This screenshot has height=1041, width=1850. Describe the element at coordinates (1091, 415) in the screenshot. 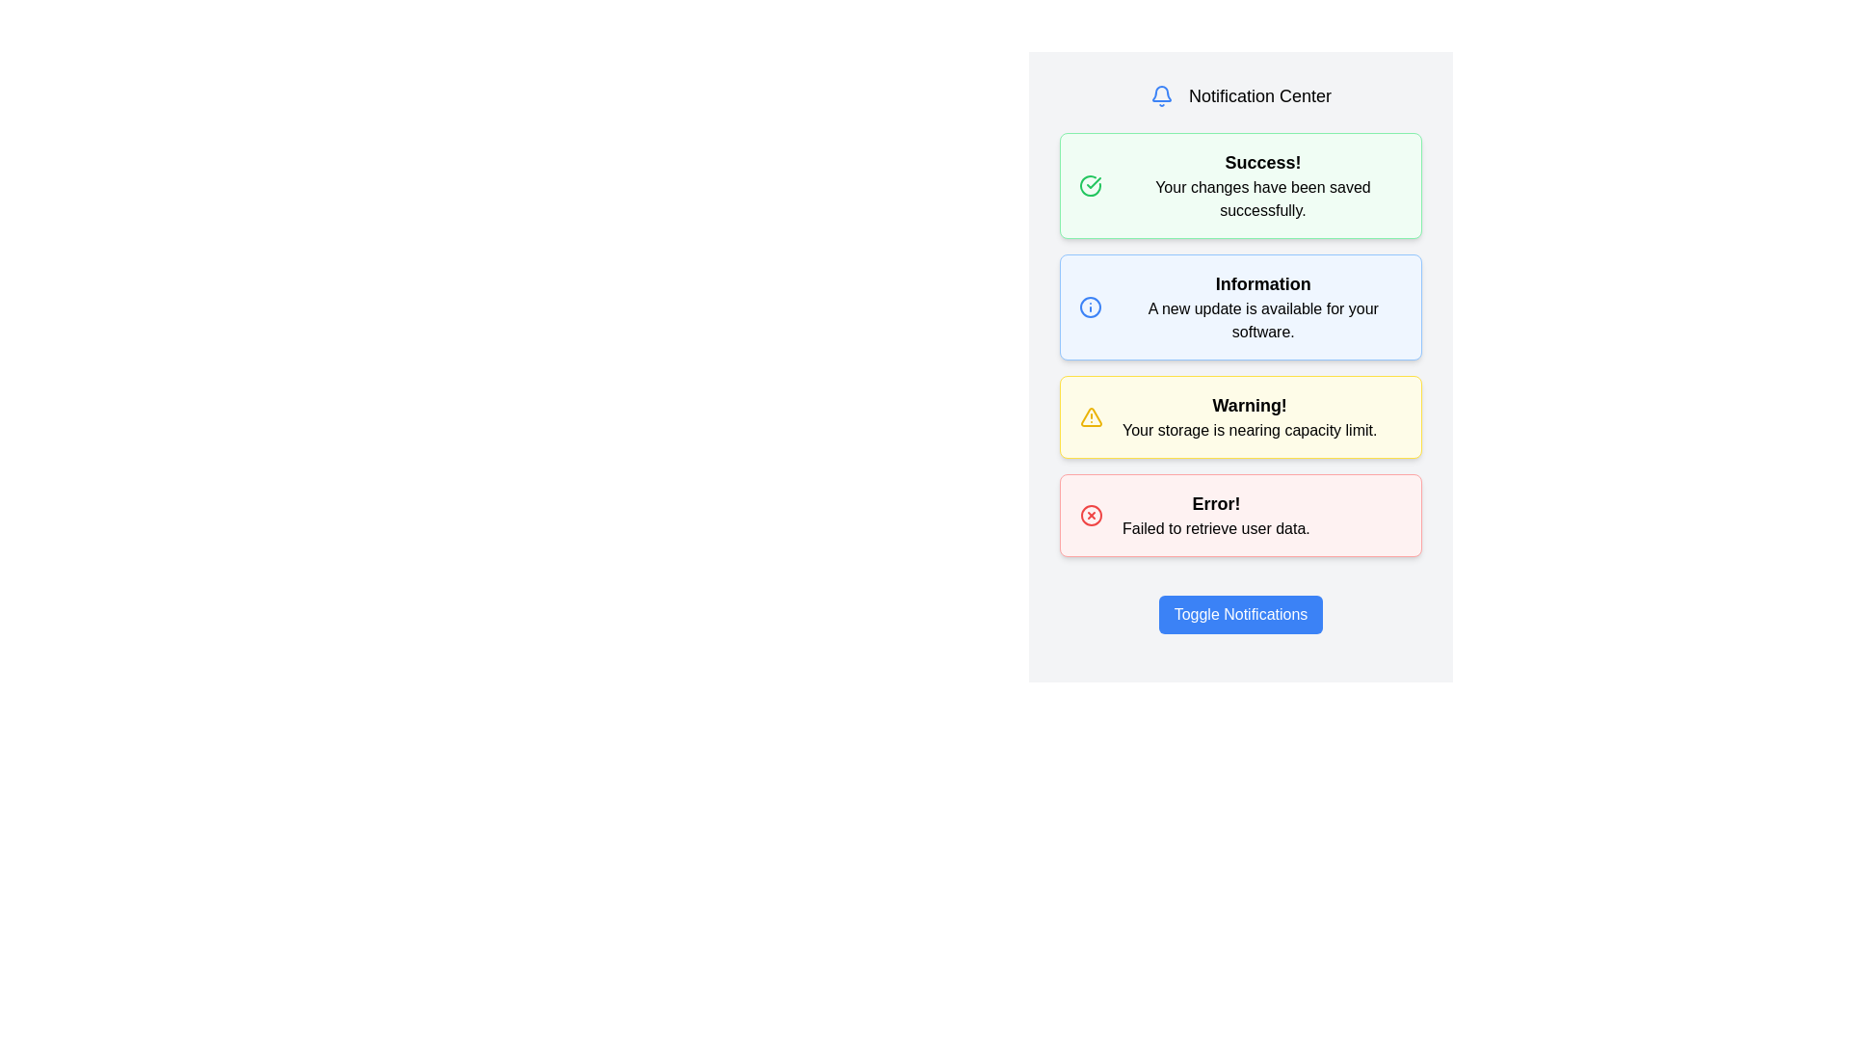

I see `the triangular yellow warning icon with an exclamation mark, located within the warning notification box that states 'Warning! Your storage is nearing capacity limit.'` at that location.